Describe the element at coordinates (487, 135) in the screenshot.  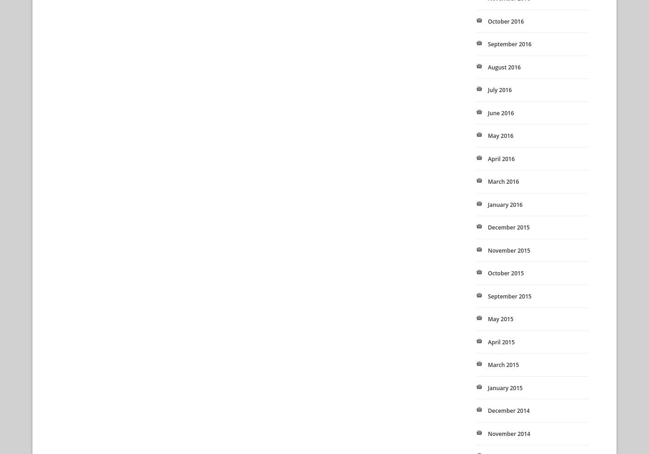
I see `'May 2016'` at that location.